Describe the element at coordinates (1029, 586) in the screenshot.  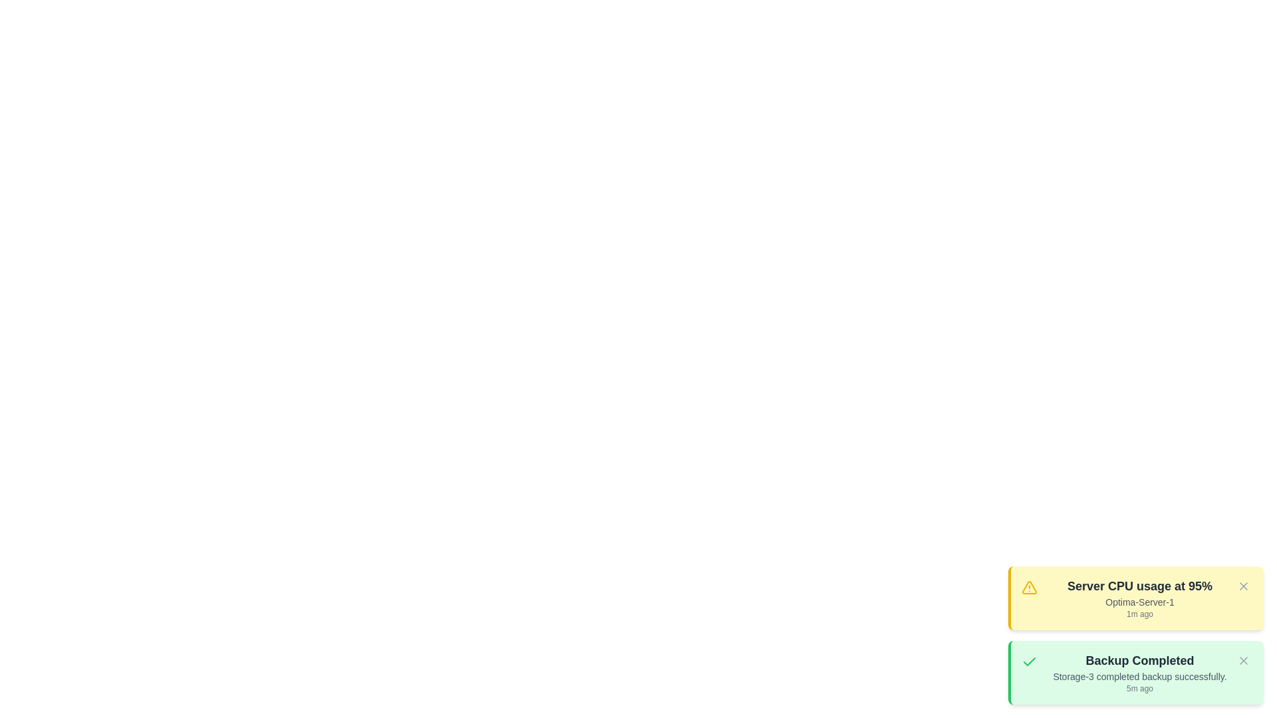
I see `the warning icon to inspect the server CPU usage alert` at that location.